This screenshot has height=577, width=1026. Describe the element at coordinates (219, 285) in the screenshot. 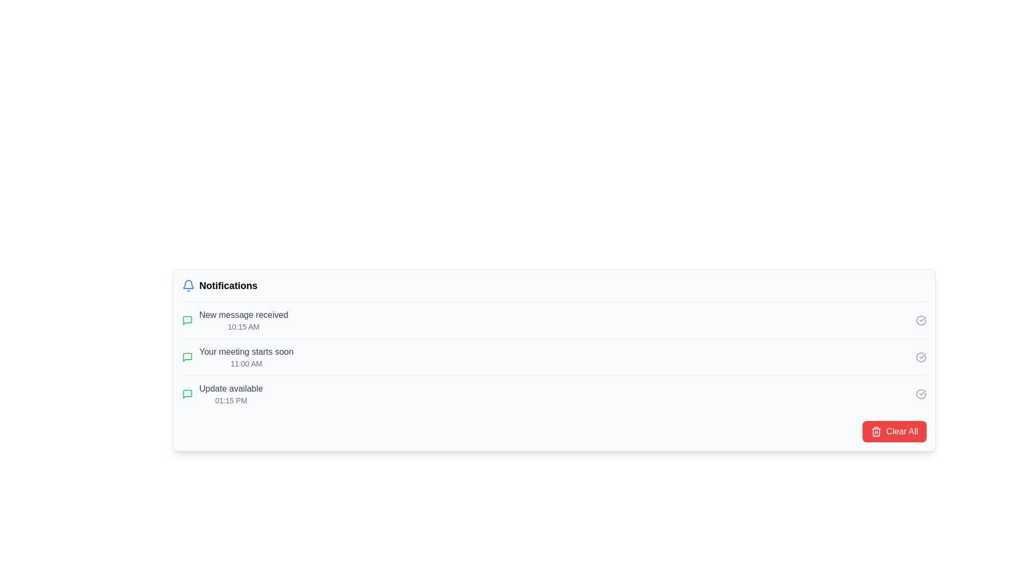

I see `the label and icon group that indicates new or unread notification alerts, located at the top-left of the notification section` at that location.